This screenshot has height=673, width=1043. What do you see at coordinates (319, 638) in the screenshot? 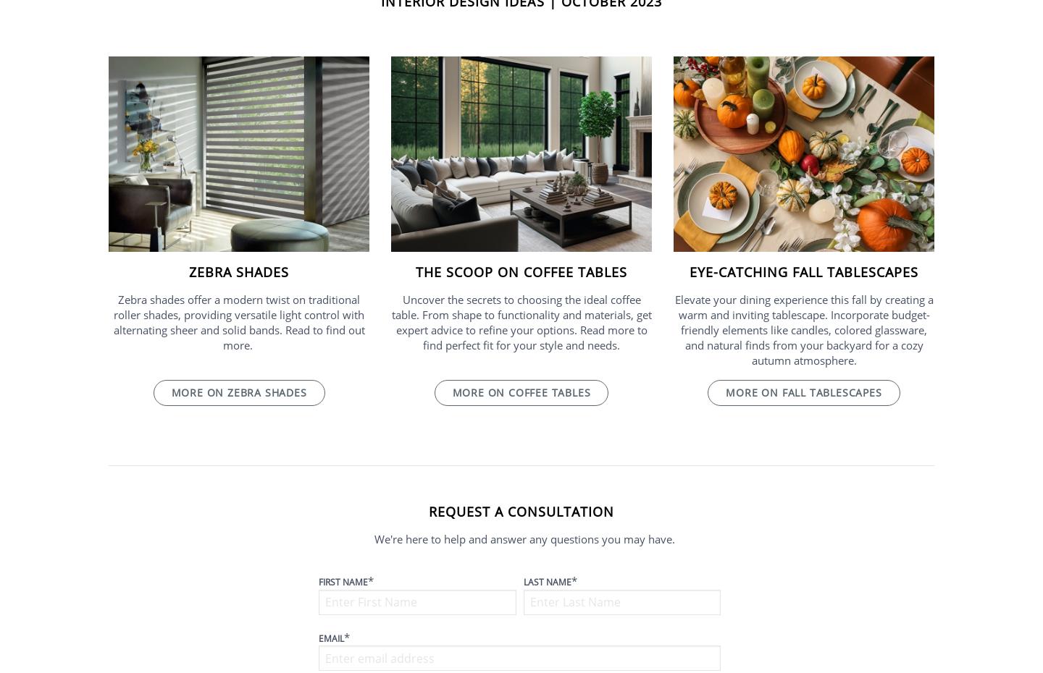
I see `'Email'` at bounding box center [319, 638].